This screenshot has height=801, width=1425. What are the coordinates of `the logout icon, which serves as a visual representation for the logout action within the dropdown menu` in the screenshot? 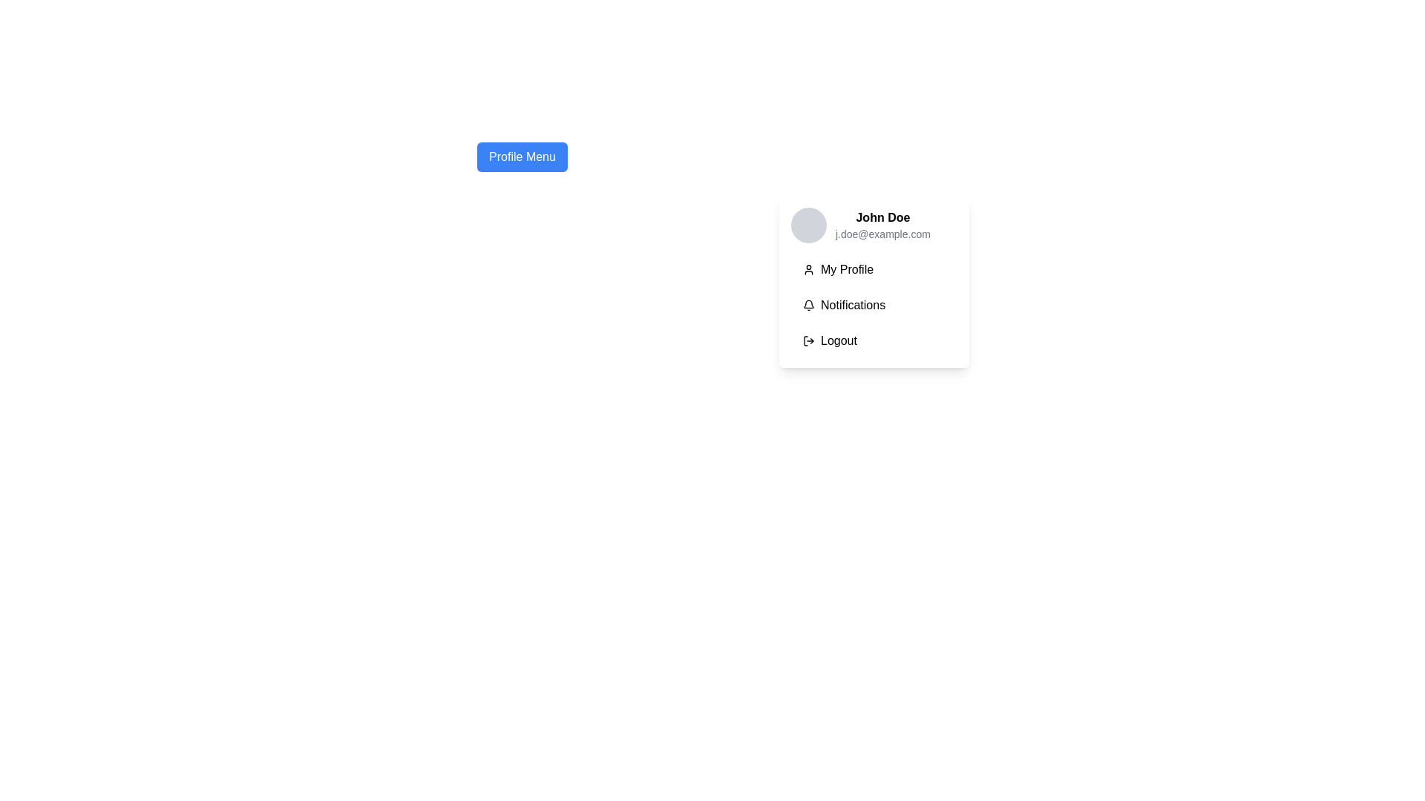 It's located at (807, 340).